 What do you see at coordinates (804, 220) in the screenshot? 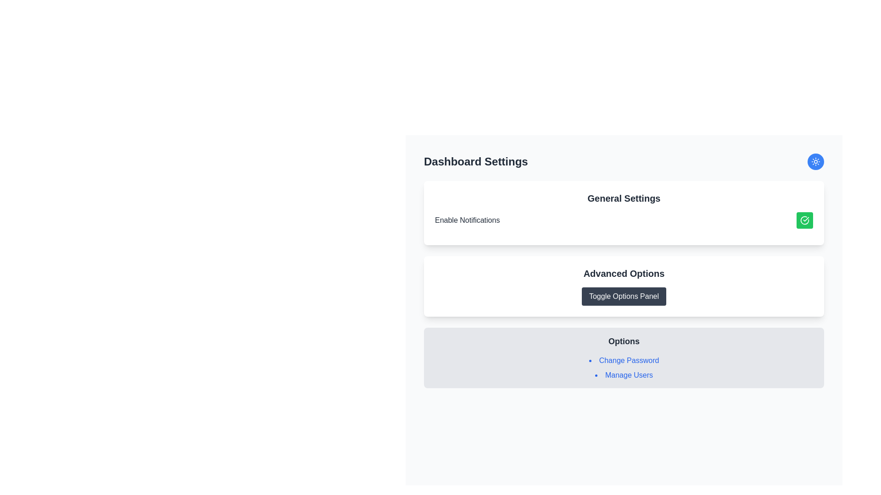
I see `the confirmation button located at the far right of the 'Enable Notifications' row` at bounding box center [804, 220].